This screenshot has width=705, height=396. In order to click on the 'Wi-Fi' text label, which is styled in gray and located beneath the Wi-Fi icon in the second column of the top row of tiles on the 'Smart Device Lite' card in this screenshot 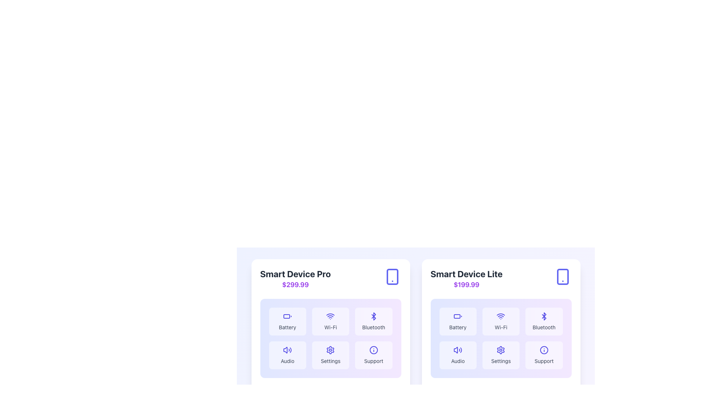, I will do `click(500, 327)`.